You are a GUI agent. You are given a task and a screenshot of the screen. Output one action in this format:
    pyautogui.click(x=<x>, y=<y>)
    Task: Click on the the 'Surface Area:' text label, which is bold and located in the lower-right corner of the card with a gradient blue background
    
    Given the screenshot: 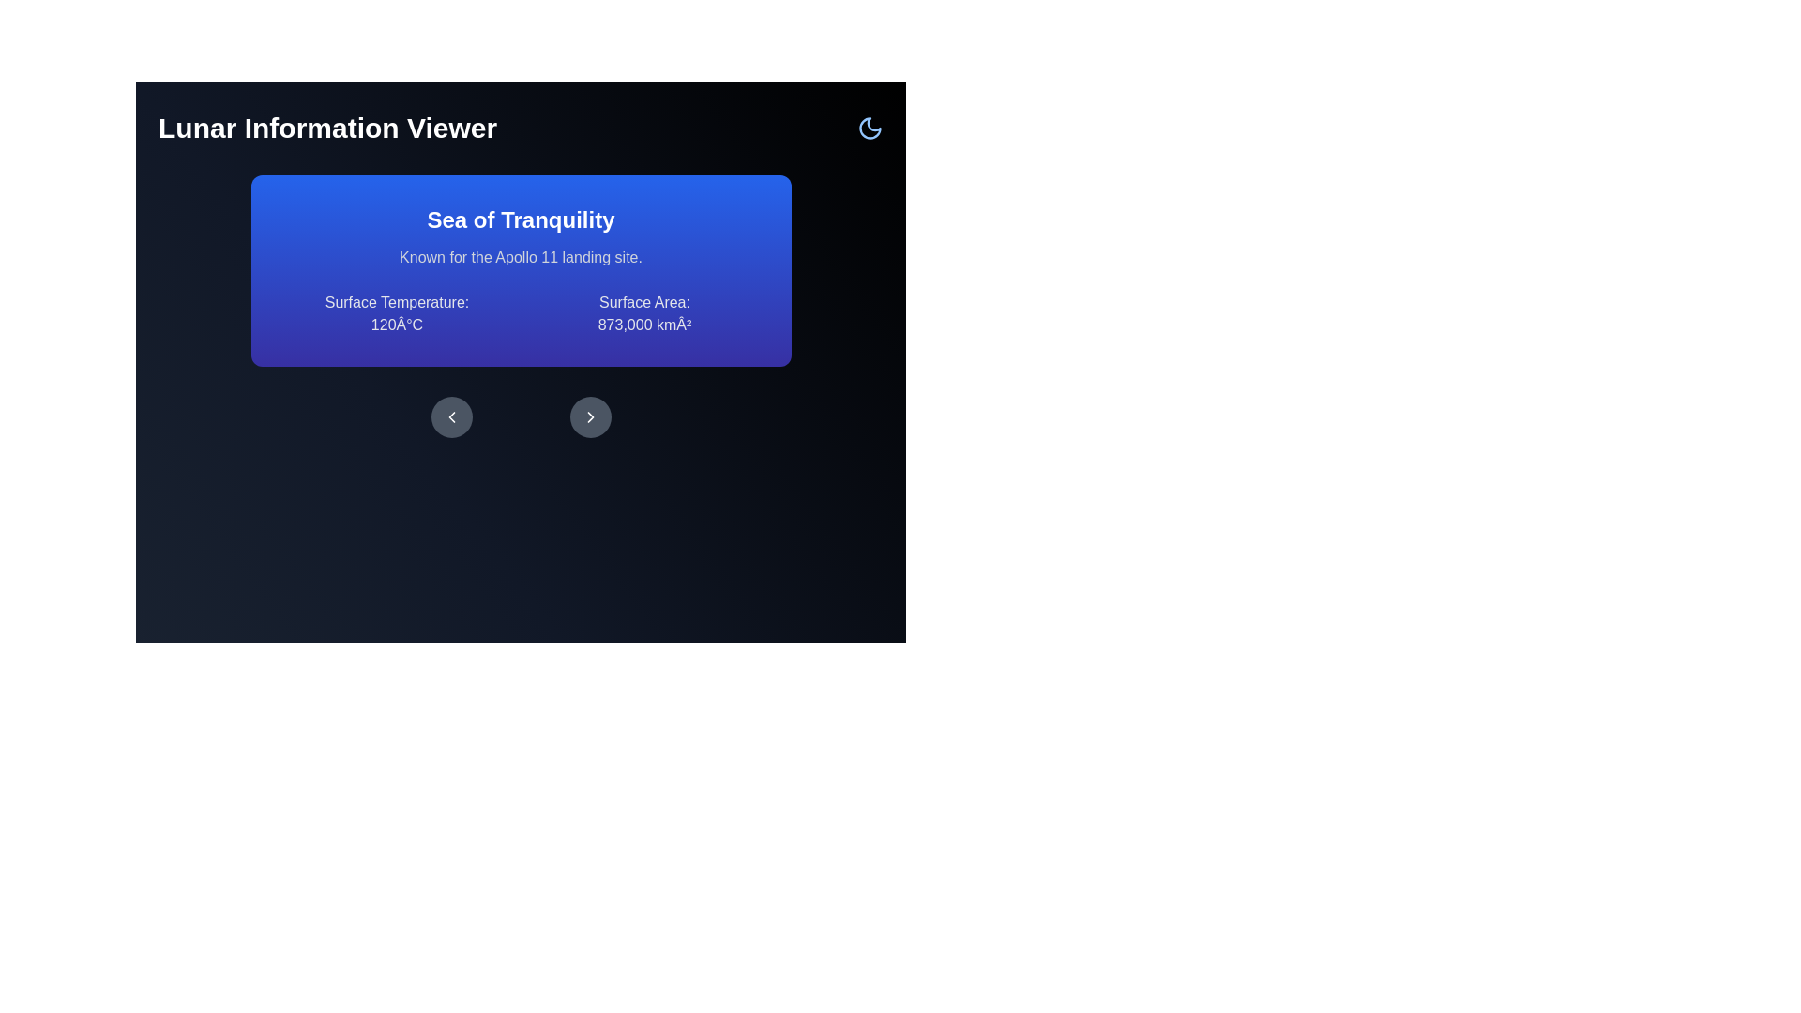 What is the action you would take?
    pyautogui.click(x=644, y=301)
    